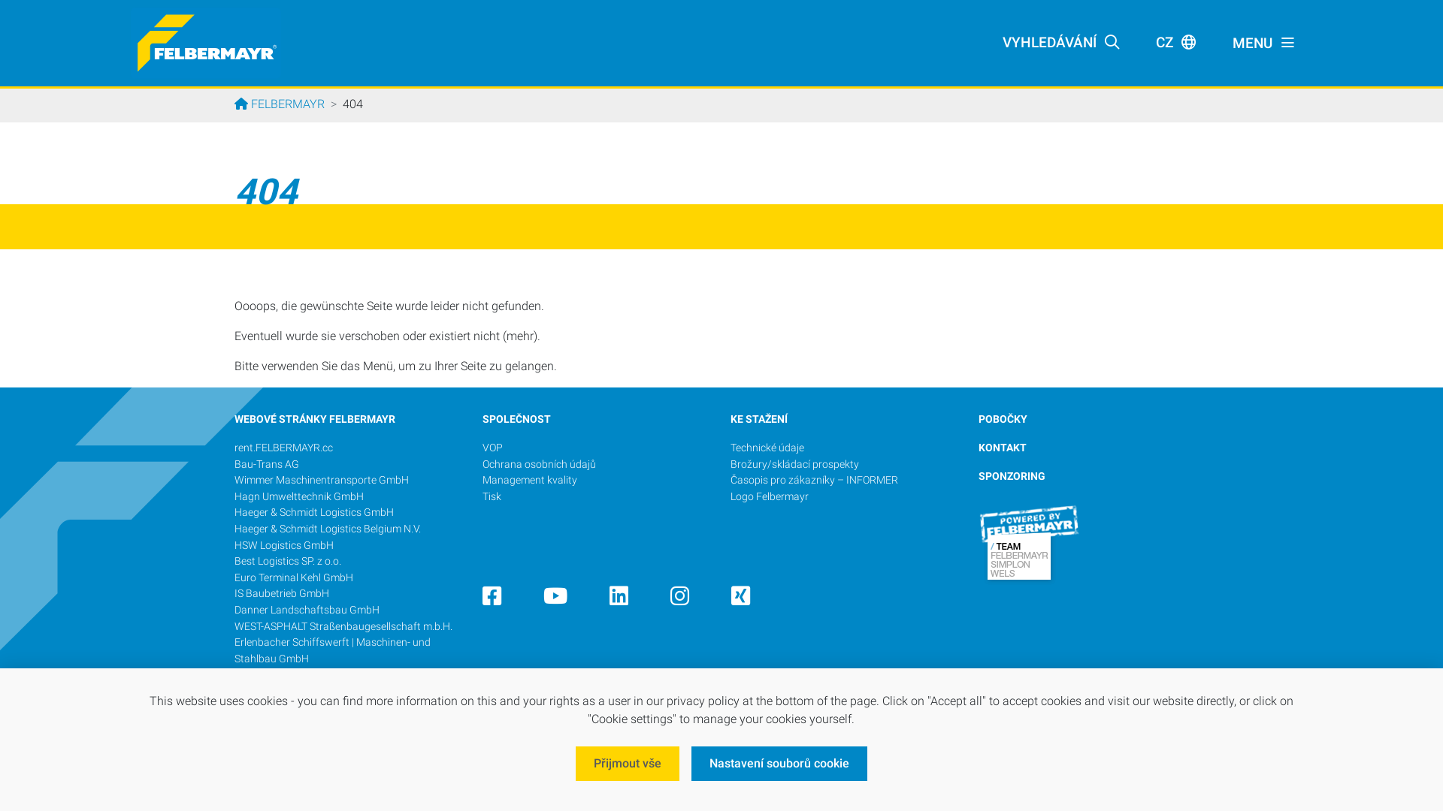 The height and width of the screenshot is (811, 1443). Describe the element at coordinates (1003, 447) in the screenshot. I see `'KONTAKT'` at that location.